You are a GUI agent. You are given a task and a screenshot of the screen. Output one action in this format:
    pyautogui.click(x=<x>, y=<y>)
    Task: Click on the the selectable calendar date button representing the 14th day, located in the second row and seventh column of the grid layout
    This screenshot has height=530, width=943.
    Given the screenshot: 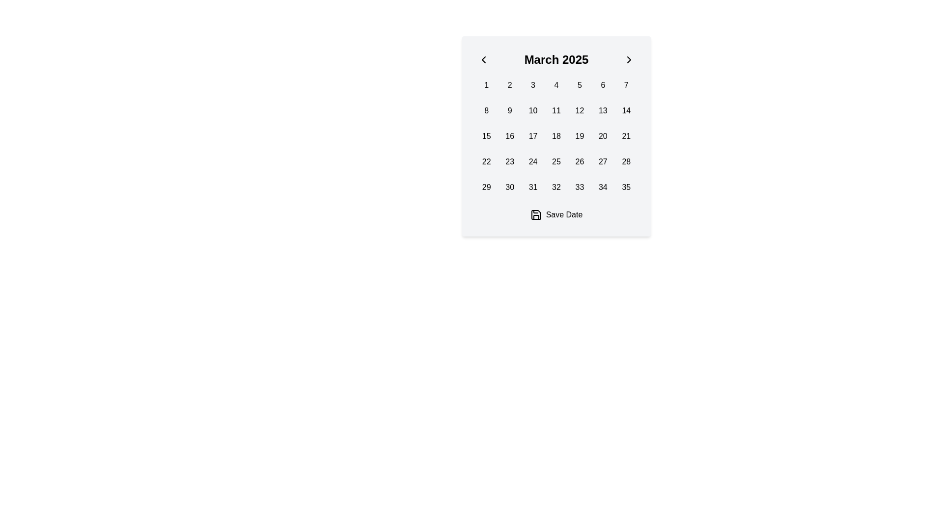 What is the action you would take?
    pyautogui.click(x=626, y=110)
    